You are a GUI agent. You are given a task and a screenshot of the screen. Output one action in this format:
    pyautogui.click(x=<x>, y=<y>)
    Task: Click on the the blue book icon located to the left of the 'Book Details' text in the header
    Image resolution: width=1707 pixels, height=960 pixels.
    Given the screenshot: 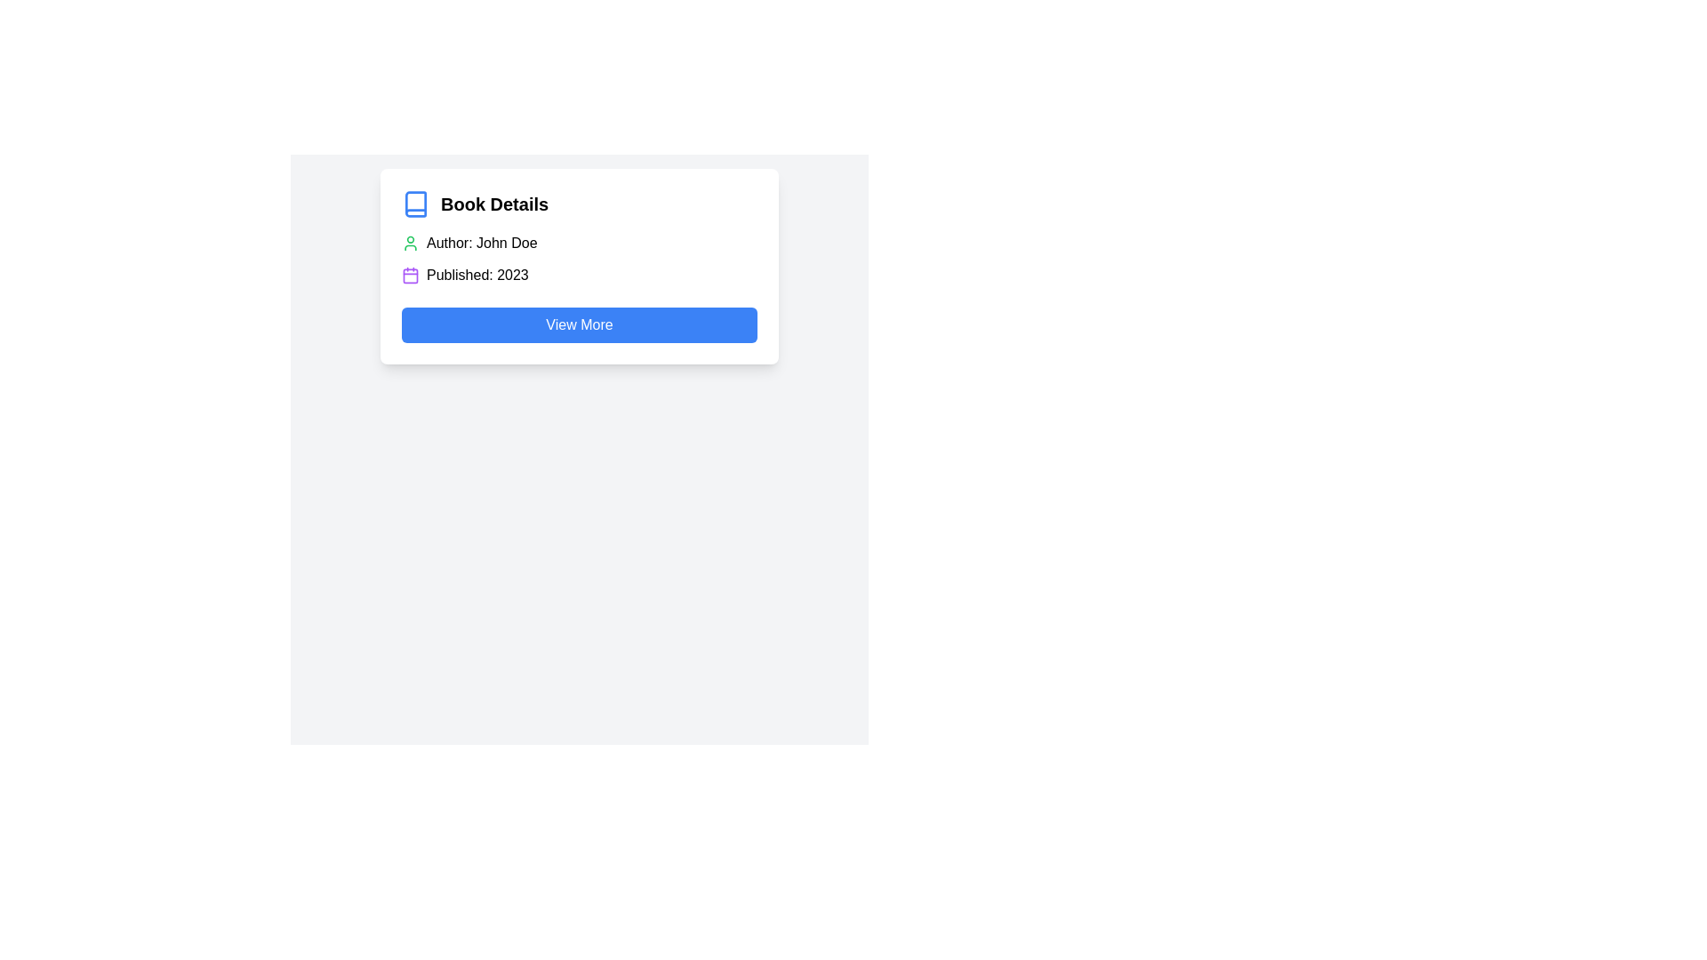 What is the action you would take?
    pyautogui.click(x=414, y=204)
    